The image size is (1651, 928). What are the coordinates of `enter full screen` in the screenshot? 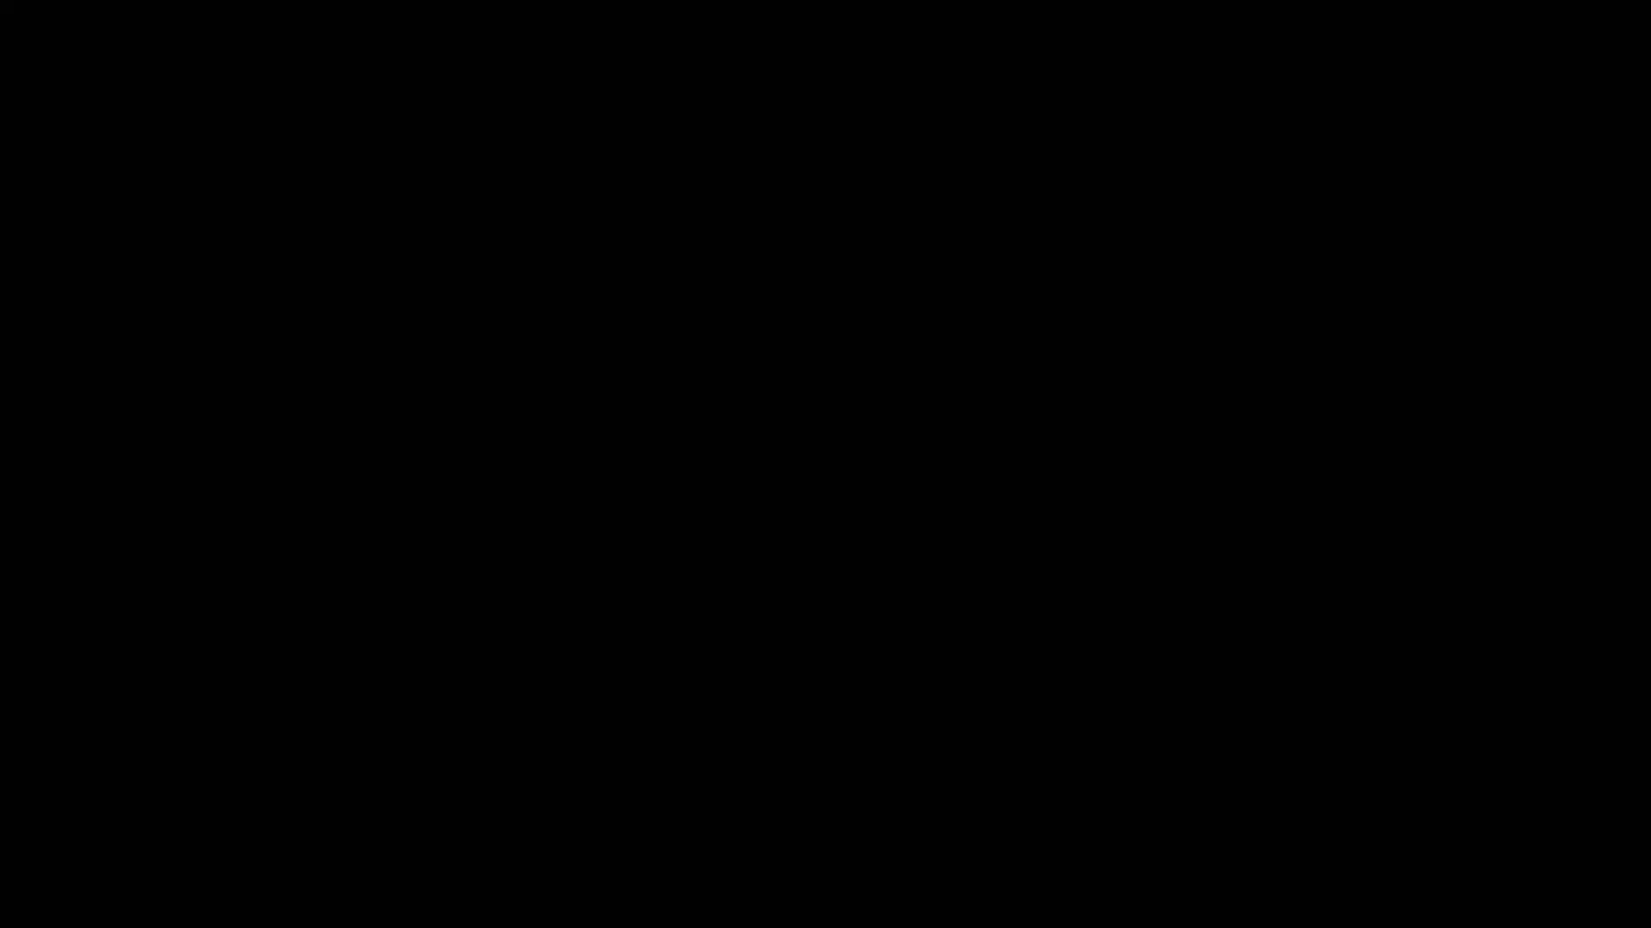 It's located at (1555, 879).